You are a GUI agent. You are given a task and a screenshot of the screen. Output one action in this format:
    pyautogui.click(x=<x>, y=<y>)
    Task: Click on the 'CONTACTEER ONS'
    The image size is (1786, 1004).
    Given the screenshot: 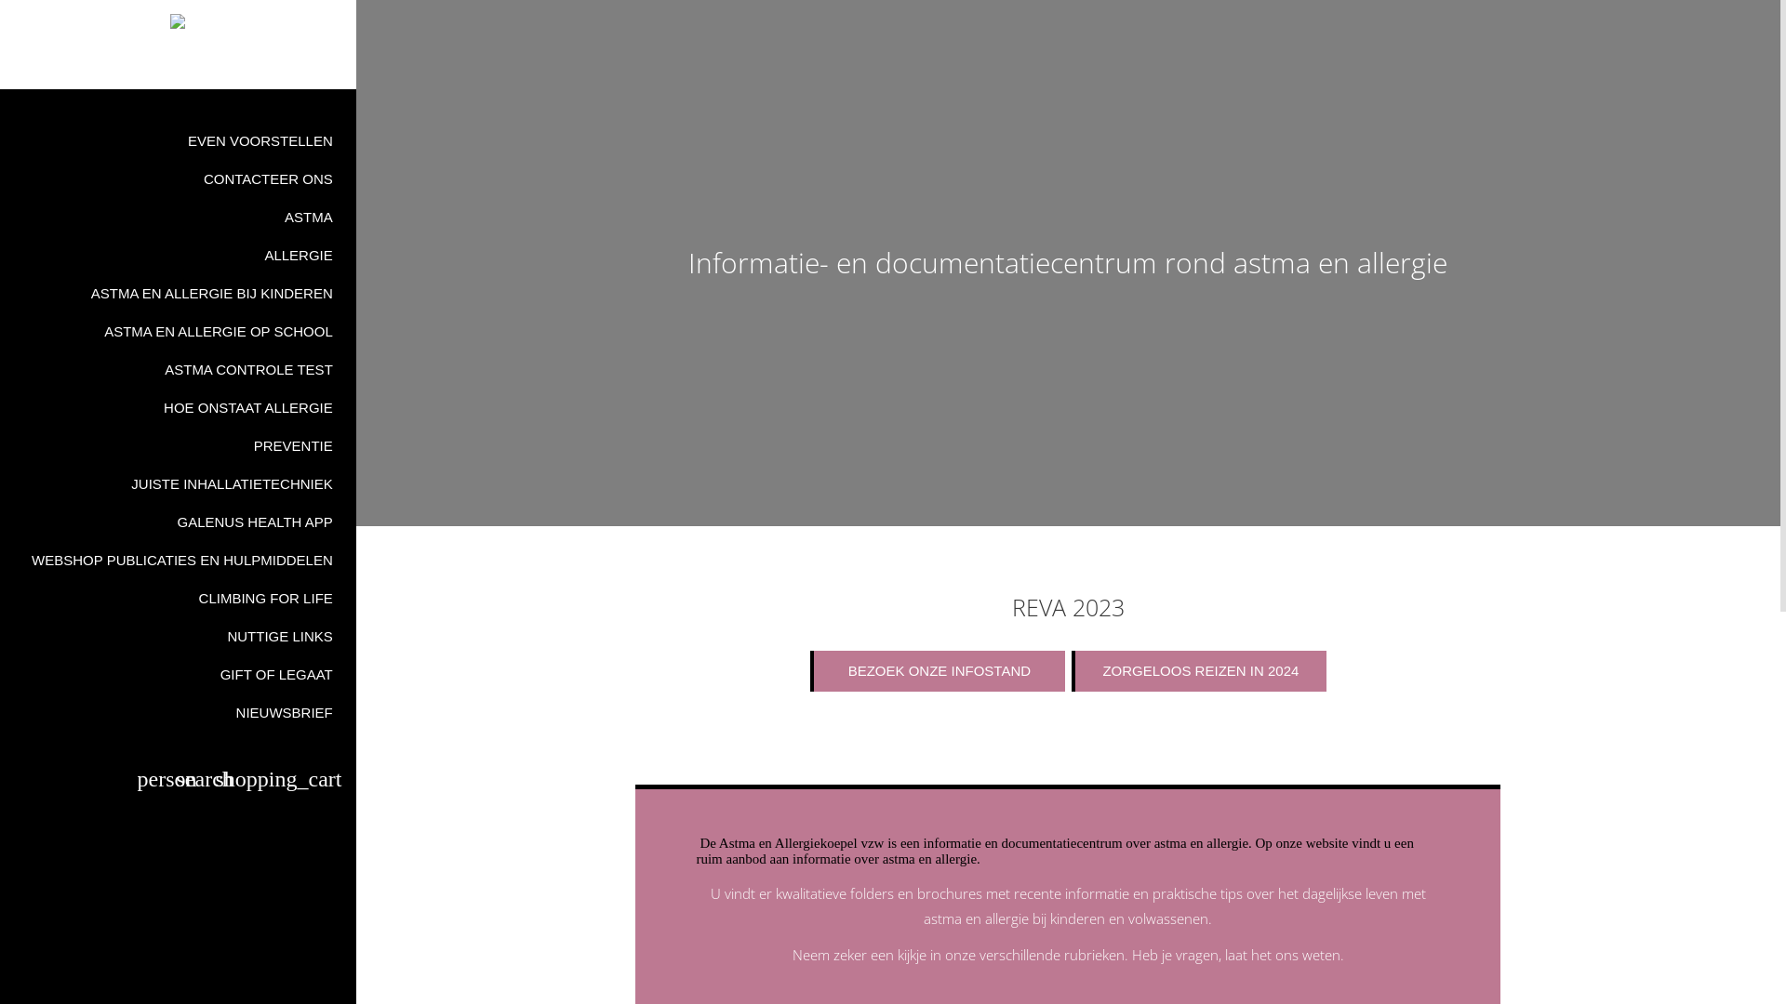 What is the action you would take?
    pyautogui.click(x=178, y=178)
    